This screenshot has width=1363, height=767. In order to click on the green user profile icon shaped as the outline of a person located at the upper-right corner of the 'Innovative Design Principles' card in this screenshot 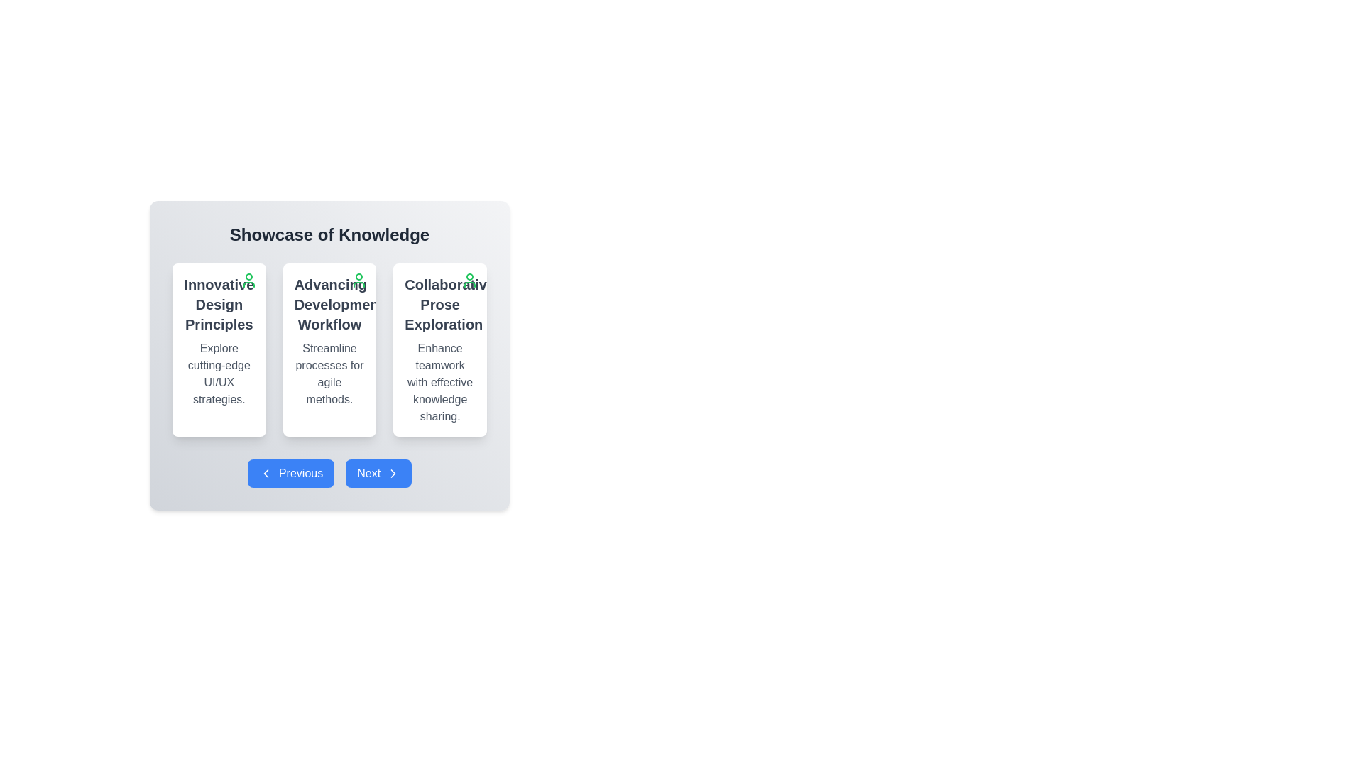, I will do `click(248, 280)`.